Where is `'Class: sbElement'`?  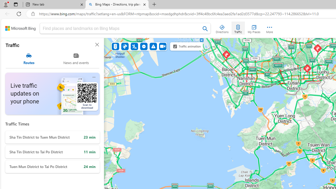 'Class: sbElement' is located at coordinates (20, 28).